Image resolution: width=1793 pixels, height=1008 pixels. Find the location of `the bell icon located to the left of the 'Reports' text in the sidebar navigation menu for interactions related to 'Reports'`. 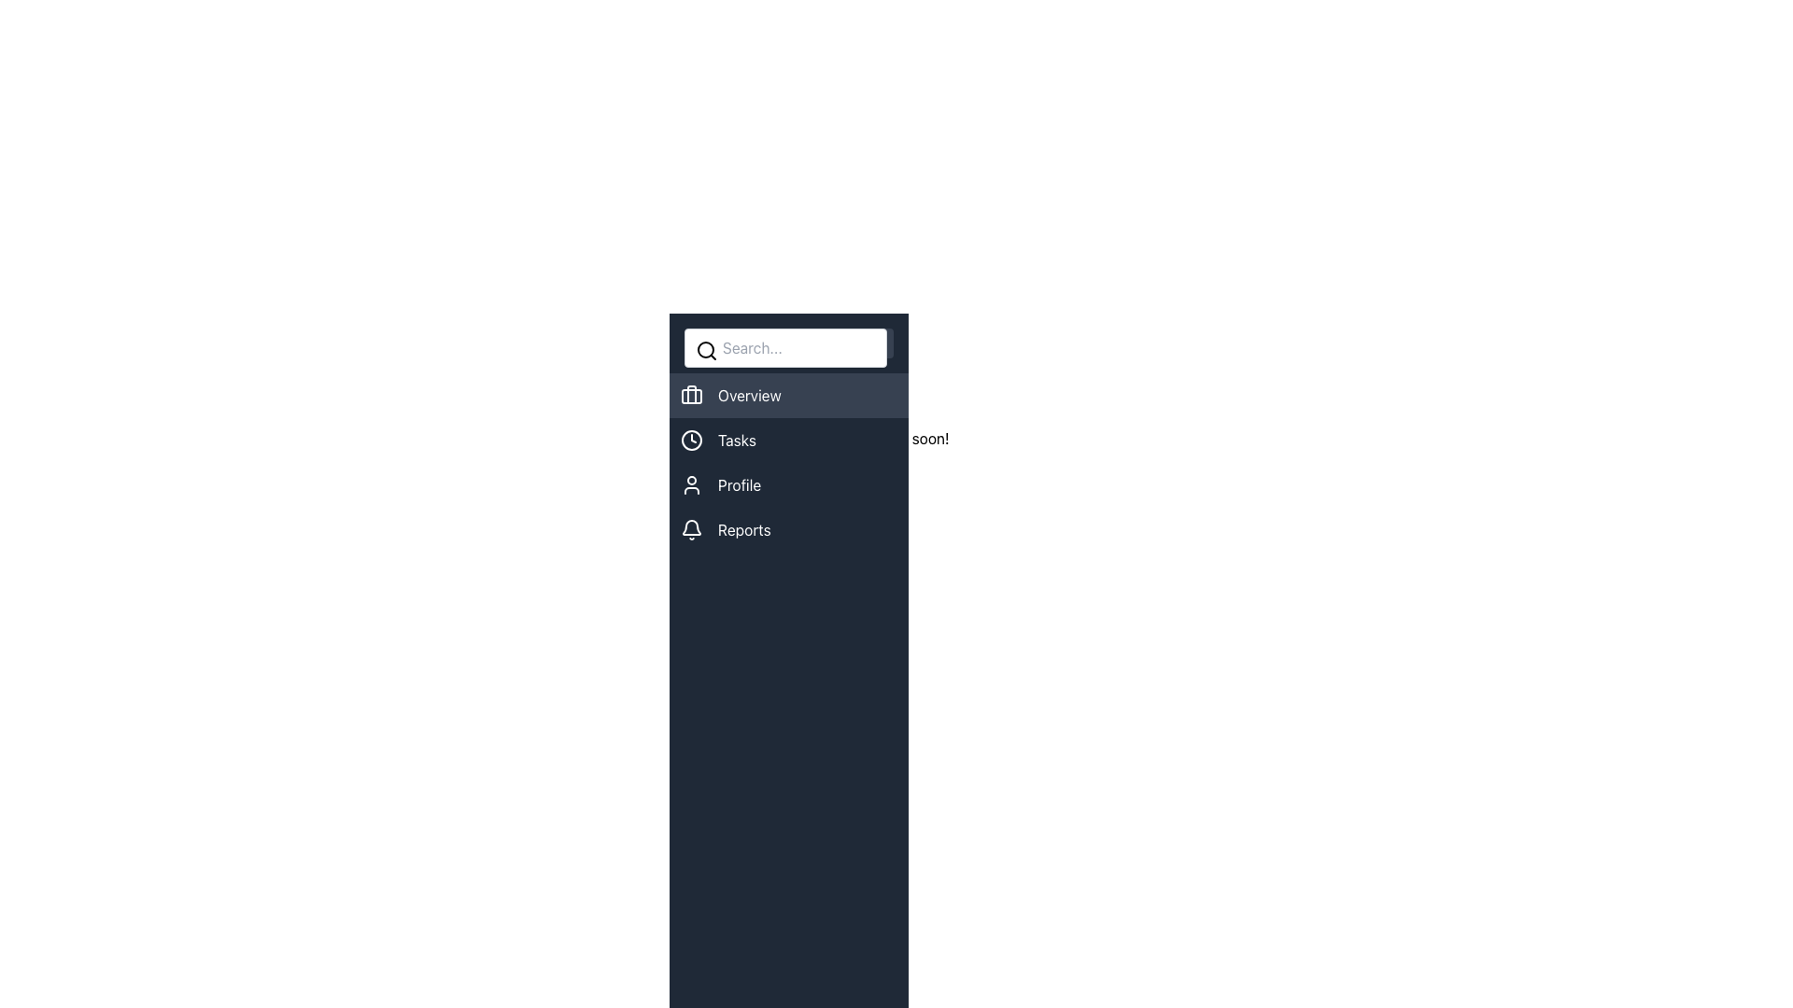

the bell icon located to the left of the 'Reports' text in the sidebar navigation menu for interactions related to 'Reports' is located at coordinates (690, 529).